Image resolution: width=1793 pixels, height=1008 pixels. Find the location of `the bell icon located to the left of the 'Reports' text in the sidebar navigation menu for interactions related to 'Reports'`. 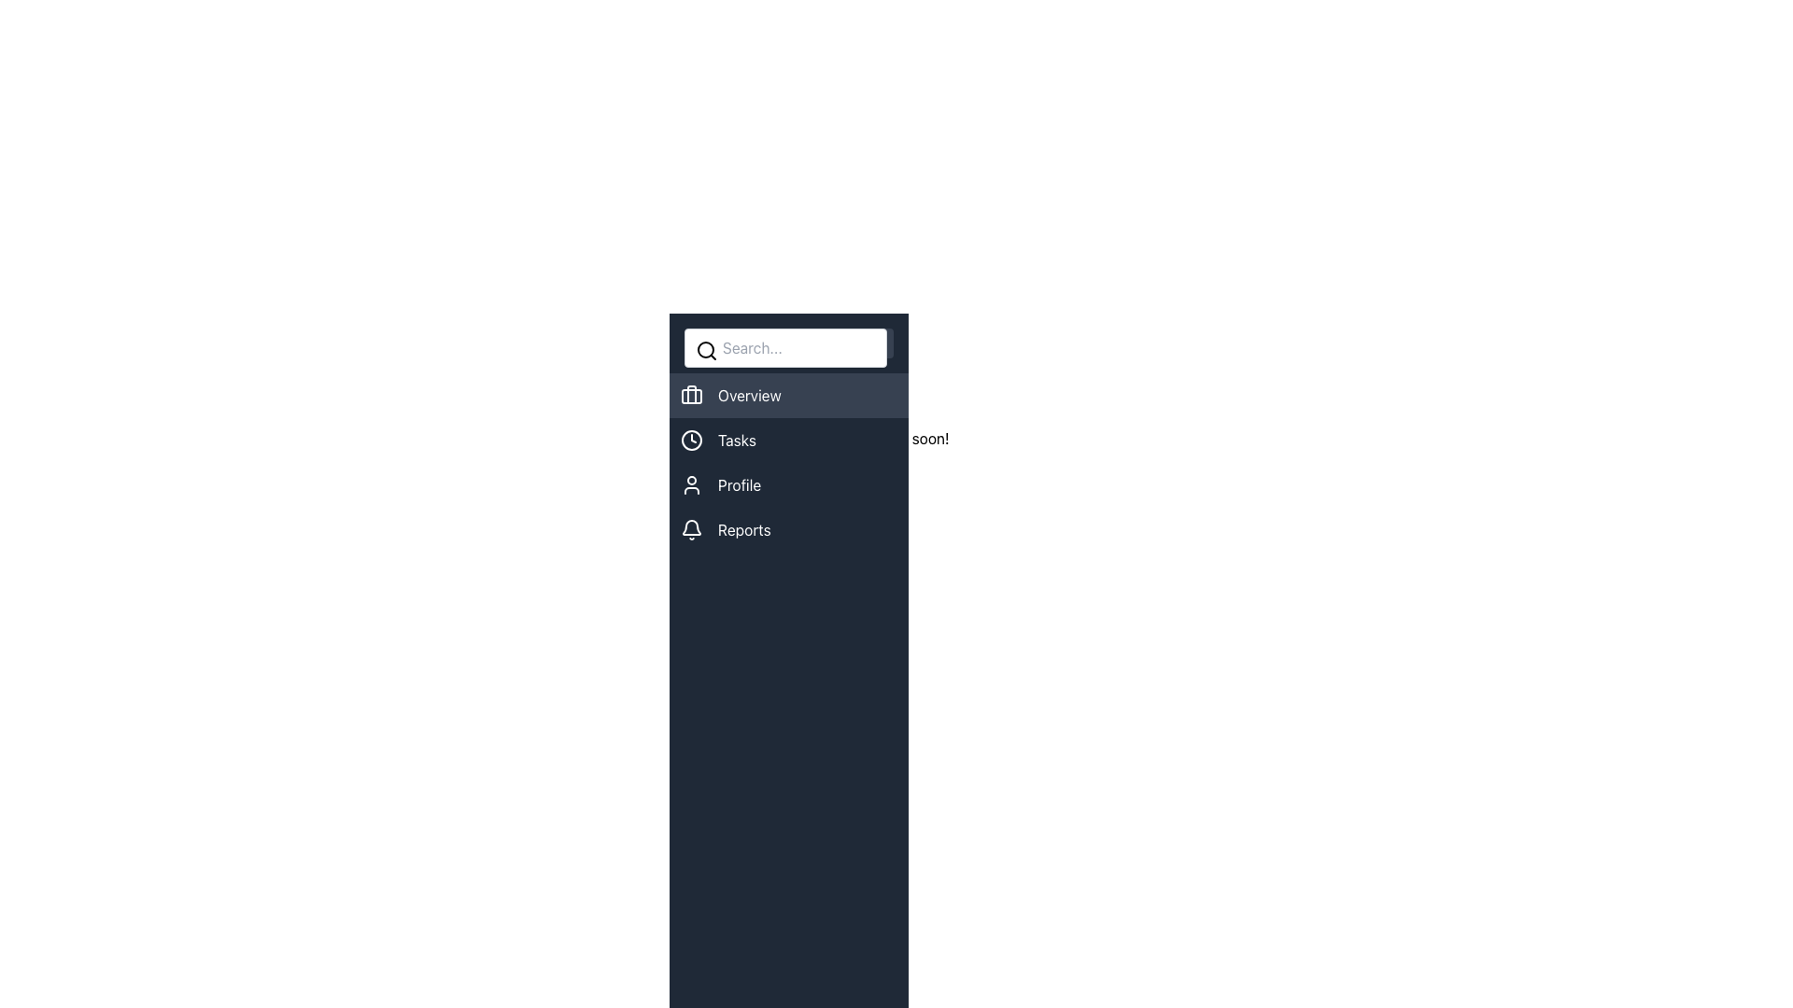

the bell icon located to the left of the 'Reports' text in the sidebar navigation menu for interactions related to 'Reports' is located at coordinates (690, 529).